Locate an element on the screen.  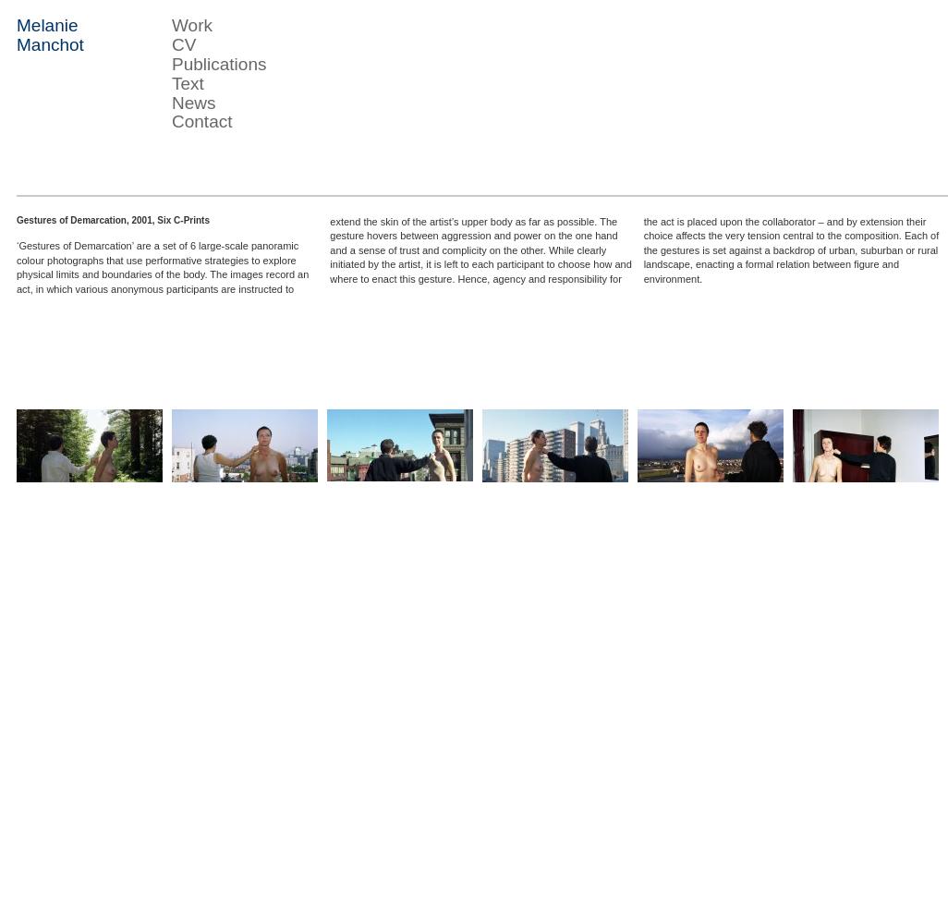
'CV' is located at coordinates (183, 43).